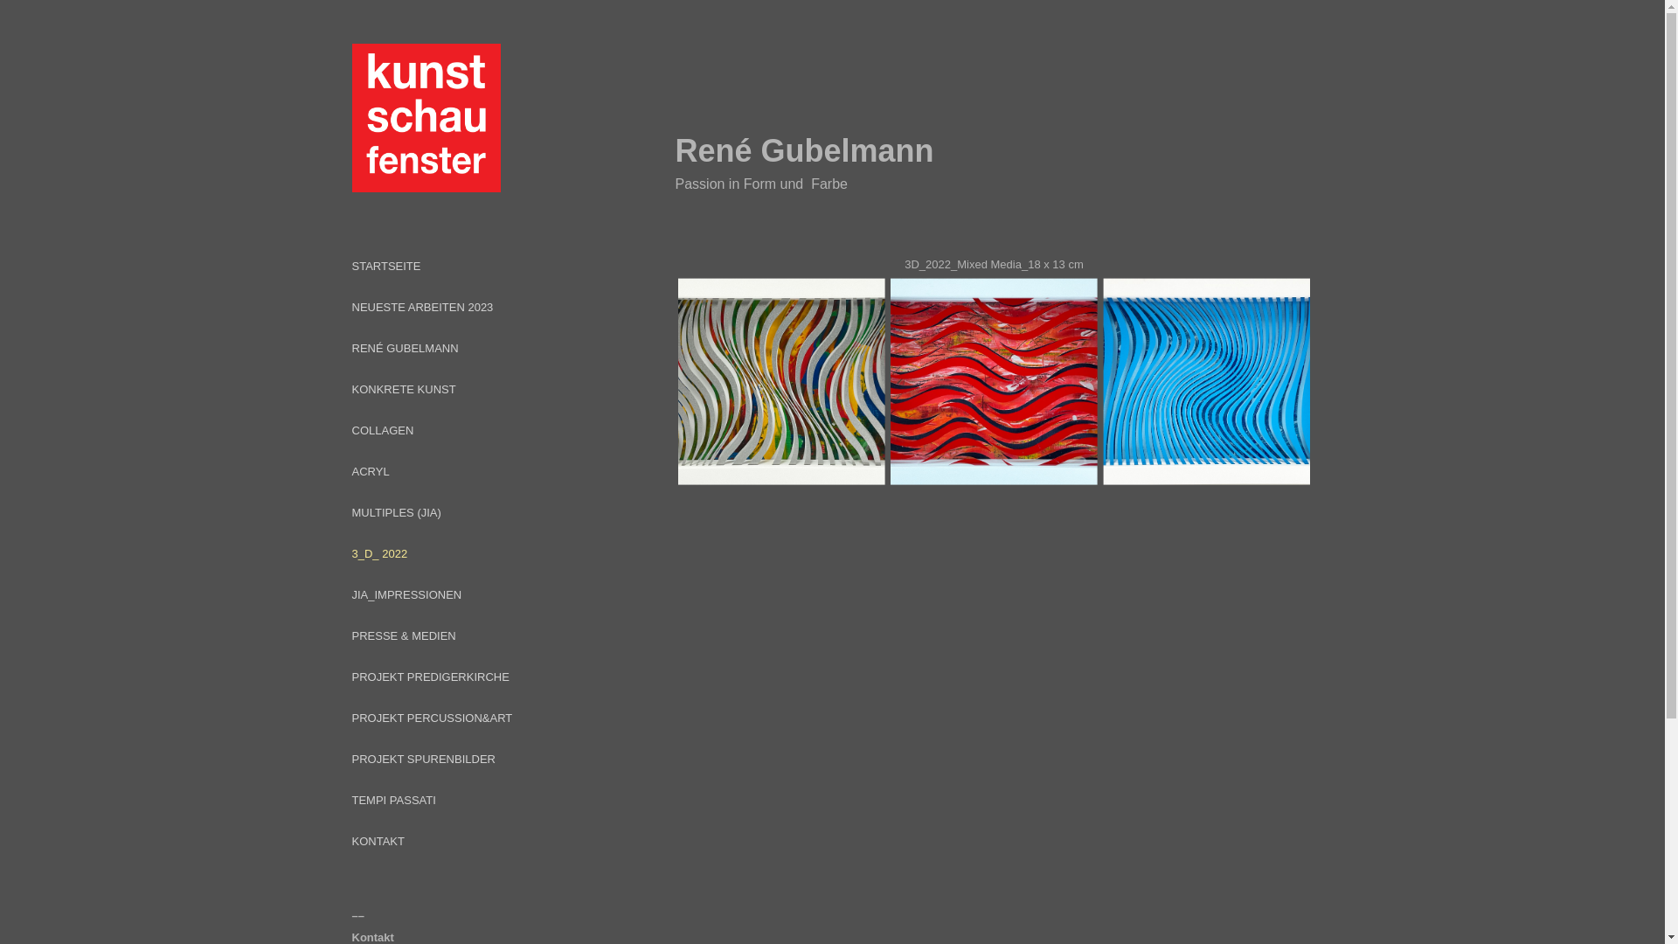 Image resolution: width=1678 pixels, height=944 pixels. Describe the element at coordinates (377, 840) in the screenshot. I see `'KONTAKT'` at that location.